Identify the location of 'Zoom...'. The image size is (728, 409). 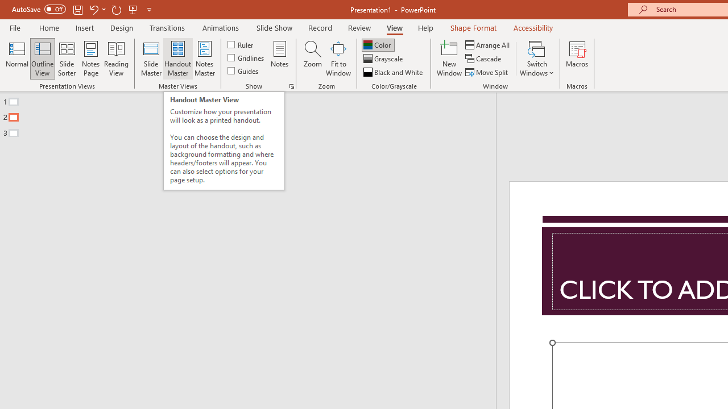
(312, 59).